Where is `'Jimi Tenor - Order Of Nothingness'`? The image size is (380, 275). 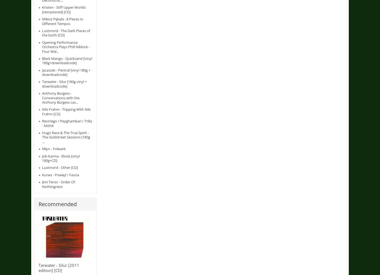 'Jimi Tenor - Order Of Nothingness' is located at coordinates (58, 184).